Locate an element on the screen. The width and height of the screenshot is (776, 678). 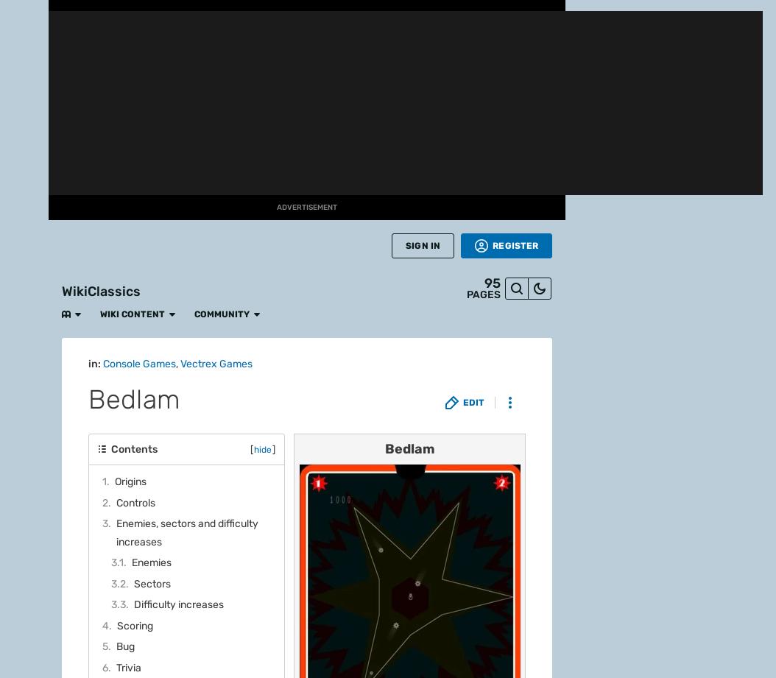
'TV' is located at coordinates (24, 368).